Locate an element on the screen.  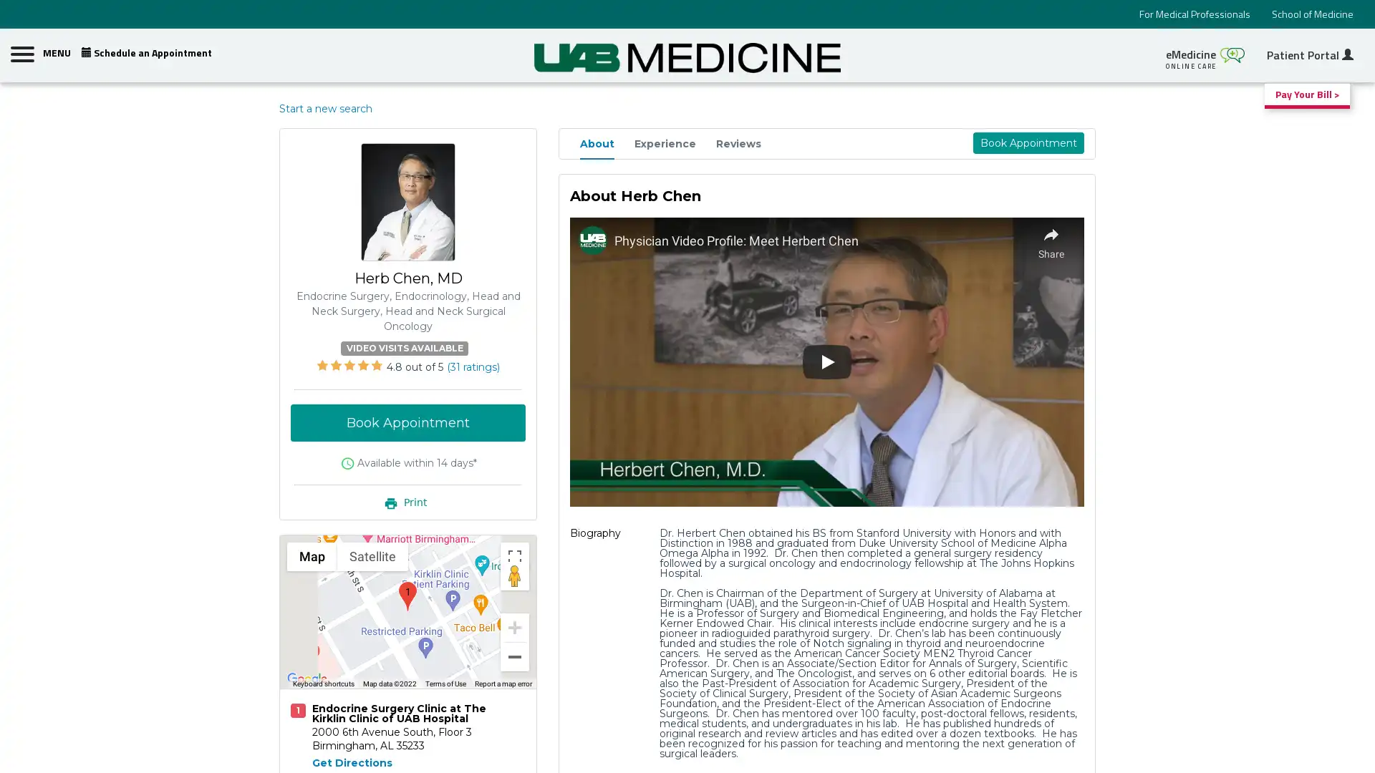
Book Appointment is located at coordinates (1027, 143).